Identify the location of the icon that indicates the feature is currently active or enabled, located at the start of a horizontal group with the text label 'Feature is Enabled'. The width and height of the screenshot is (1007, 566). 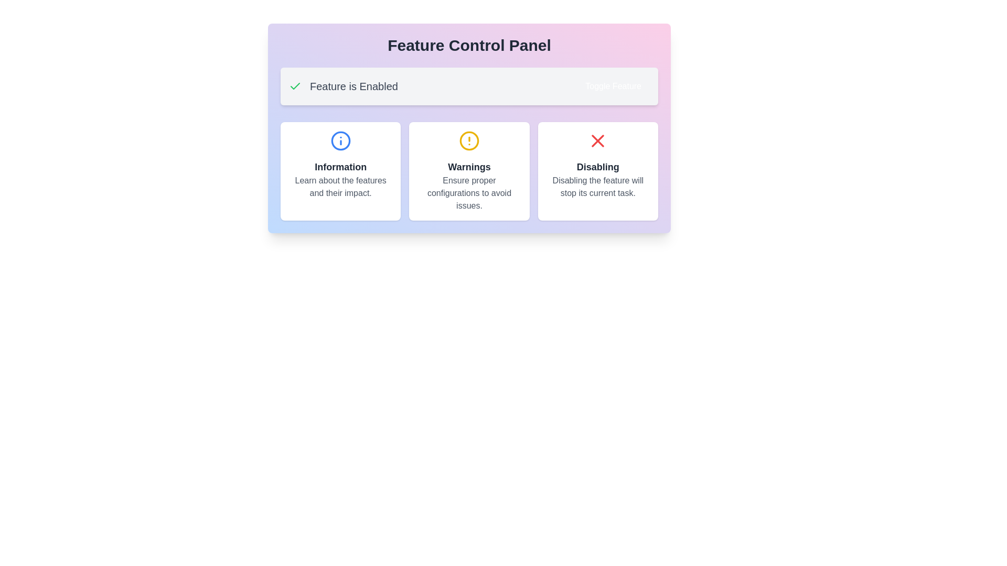
(294, 86).